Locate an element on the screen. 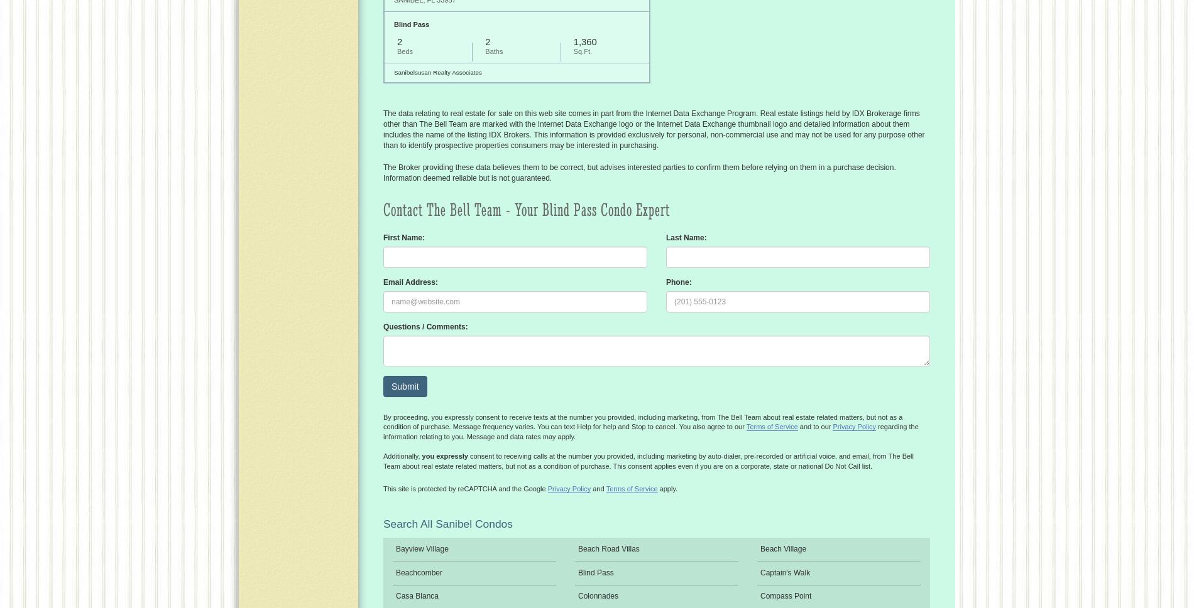 The width and height of the screenshot is (1194, 608). 'Sanibelsusan Realty Associates' is located at coordinates (437, 72).